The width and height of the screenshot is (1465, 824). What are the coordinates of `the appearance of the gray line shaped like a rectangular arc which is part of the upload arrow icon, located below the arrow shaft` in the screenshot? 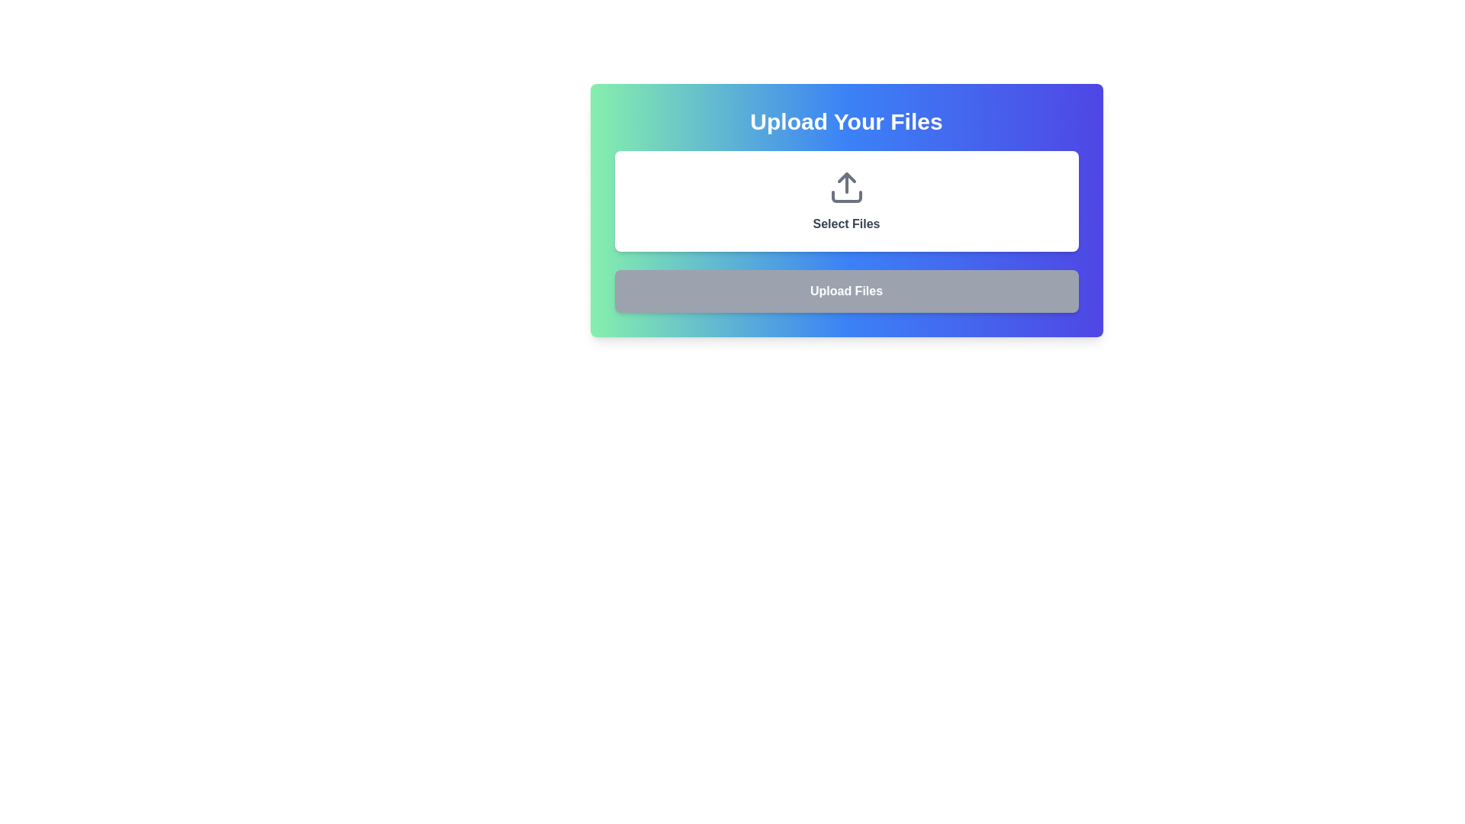 It's located at (845, 196).